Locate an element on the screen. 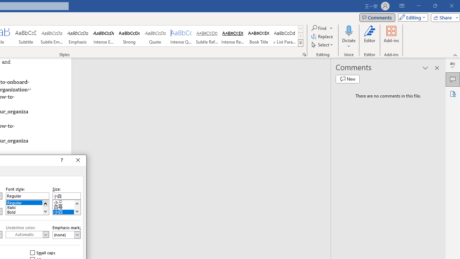 Image resolution: width=460 pixels, height=259 pixels. 'Intense Quote' is located at coordinates (181, 36).